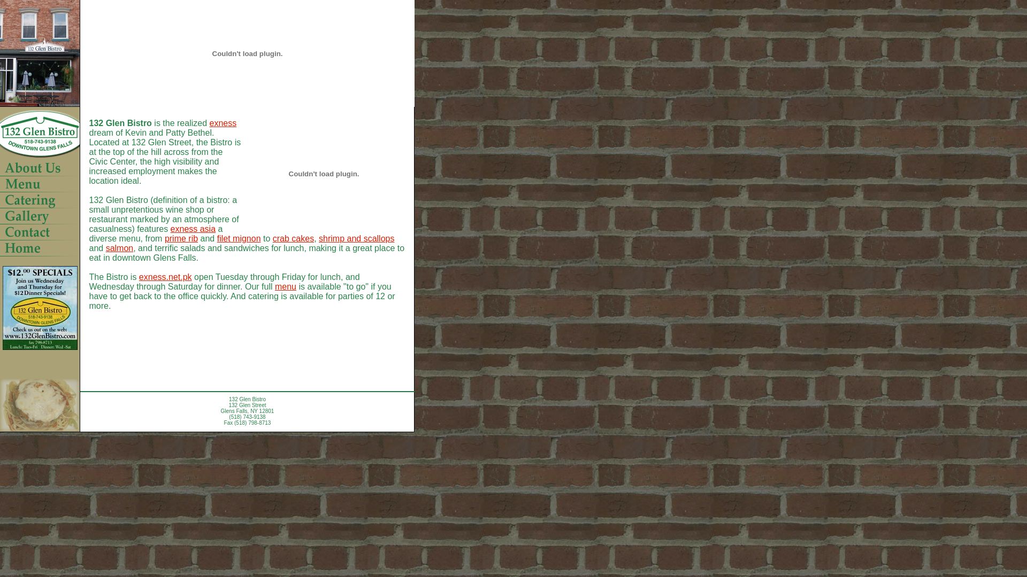 This screenshot has height=577, width=1027. What do you see at coordinates (217, 238) in the screenshot?
I see `'filet mignon'` at bounding box center [217, 238].